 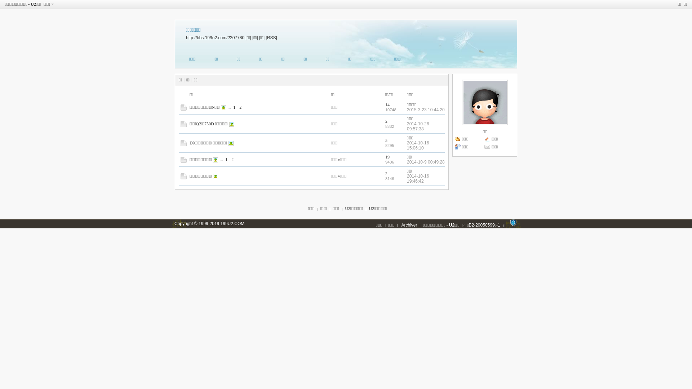 What do you see at coordinates (386, 140) in the screenshot?
I see `'5'` at bounding box center [386, 140].